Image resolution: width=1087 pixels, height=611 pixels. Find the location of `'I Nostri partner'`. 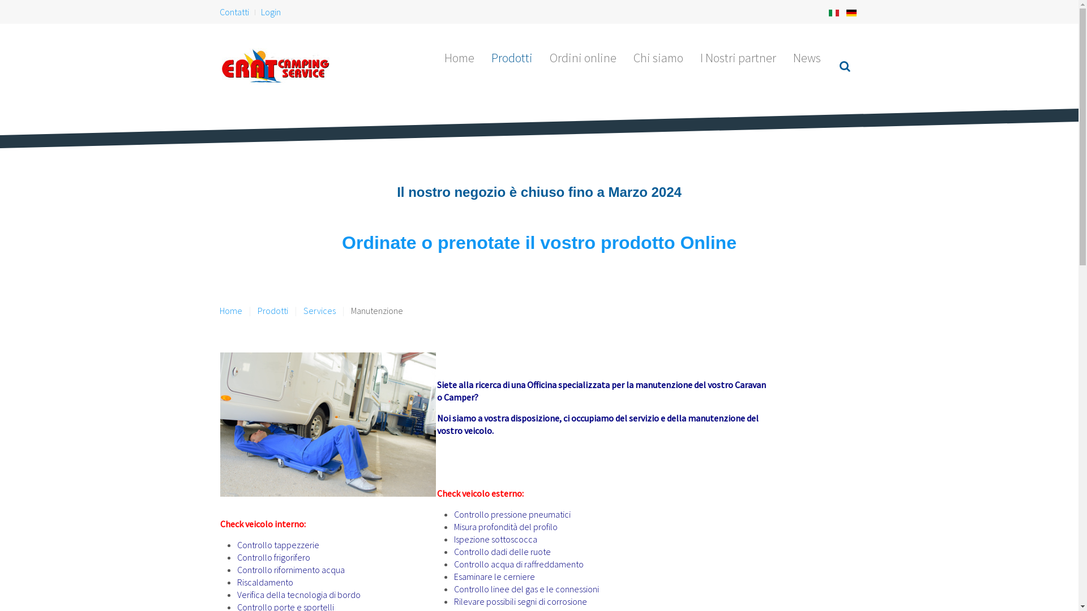

'I Nostri partner' is located at coordinates (738, 57).